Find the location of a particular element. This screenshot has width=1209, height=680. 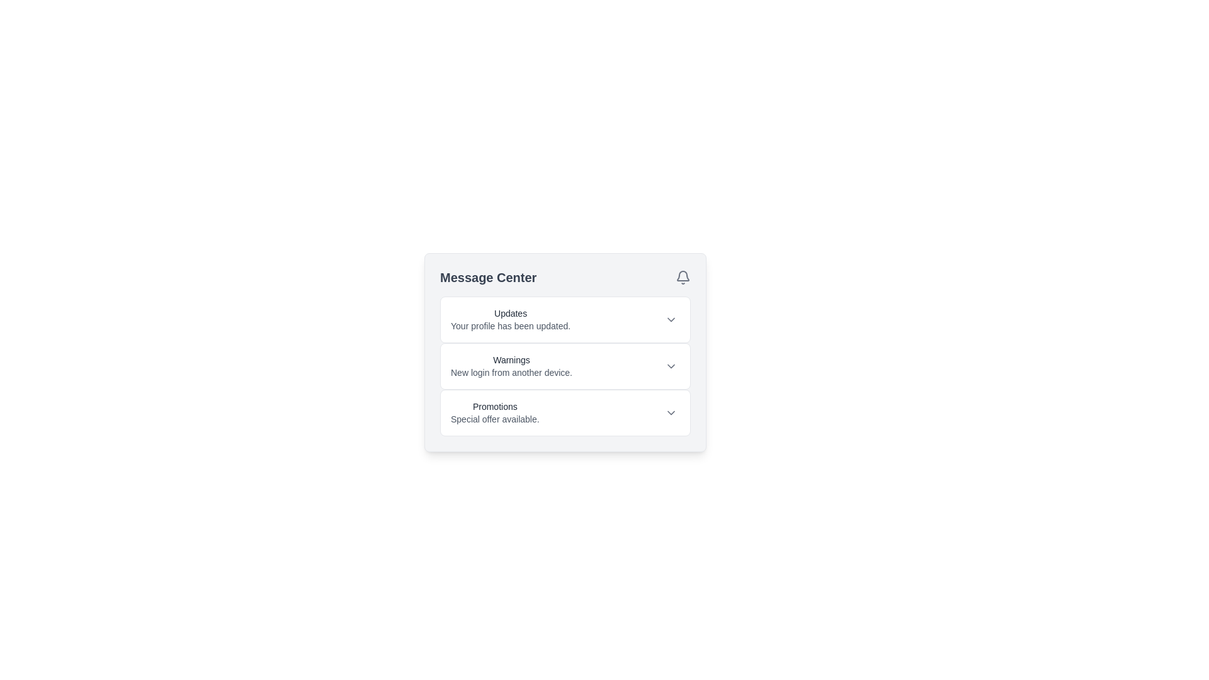

the chevron icon located to the right of the text 'Your profile has been updated' in the 'Updates' section of the Message Center is located at coordinates (670, 319).